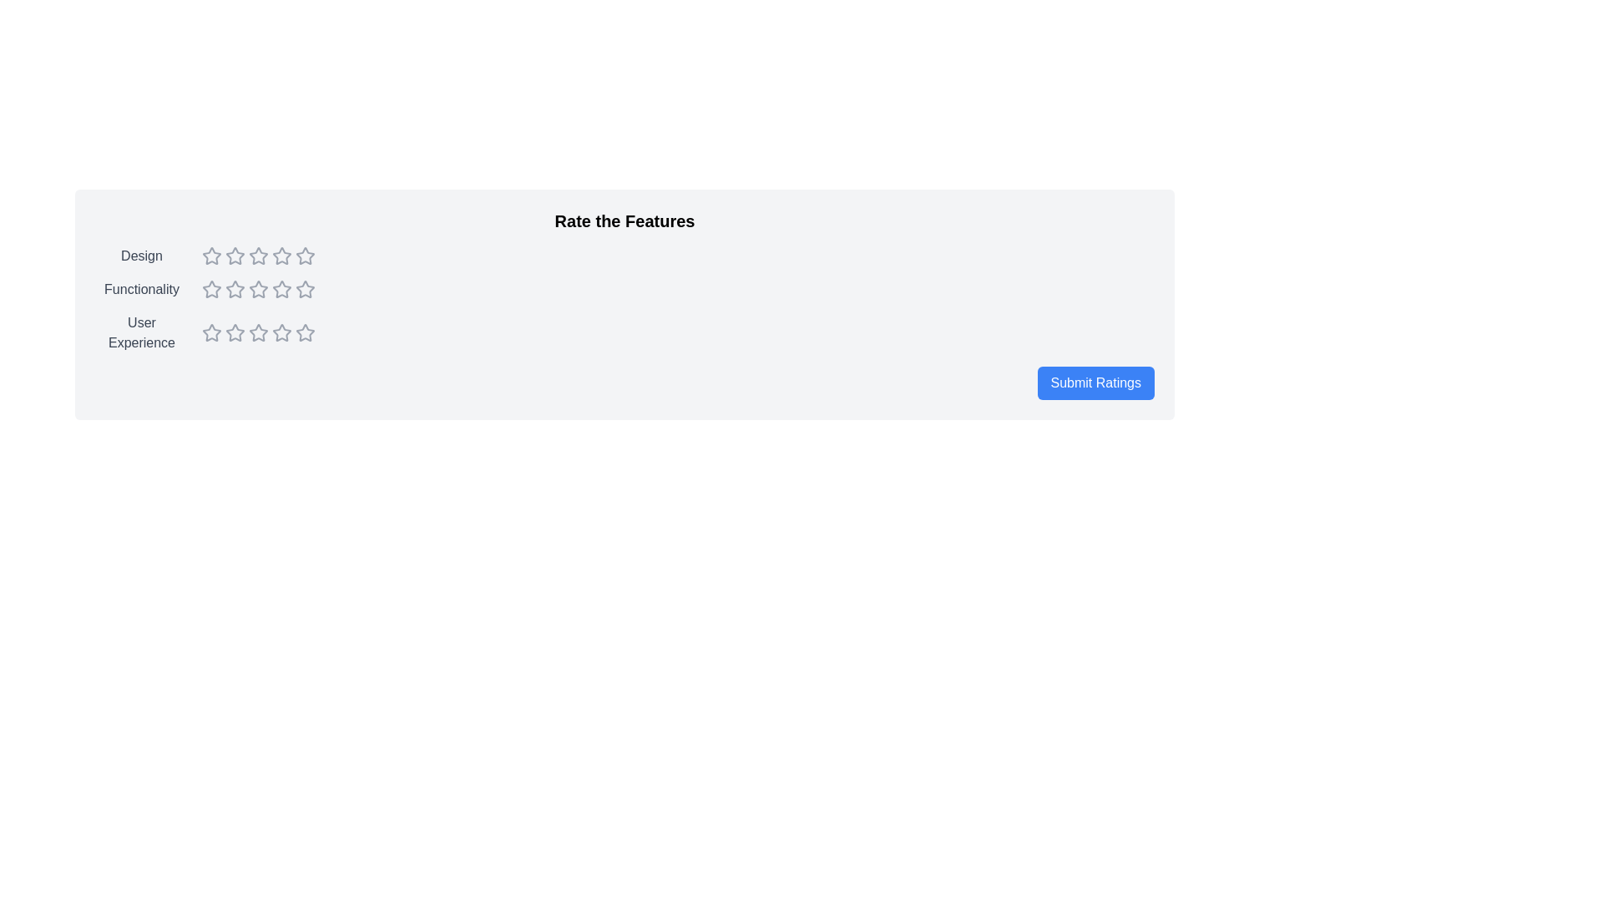  What do you see at coordinates (305, 288) in the screenshot?
I see `the fourth star-shaped rating icon in the 'Functionality' section` at bounding box center [305, 288].